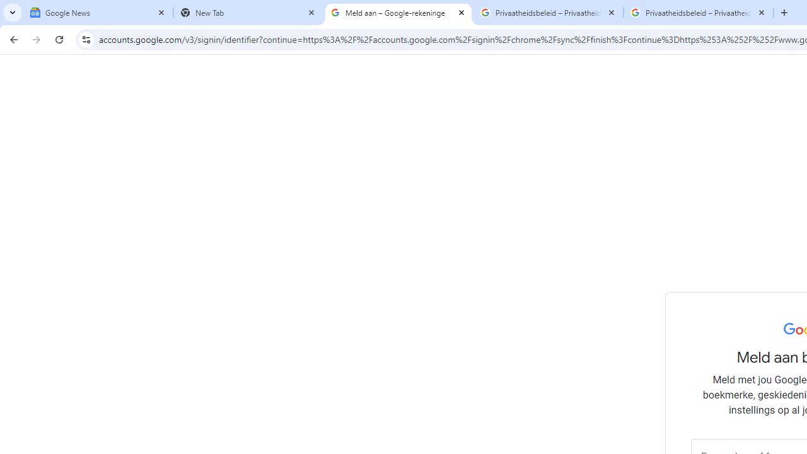  What do you see at coordinates (248, 13) in the screenshot?
I see `'New Tab'` at bounding box center [248, 13].